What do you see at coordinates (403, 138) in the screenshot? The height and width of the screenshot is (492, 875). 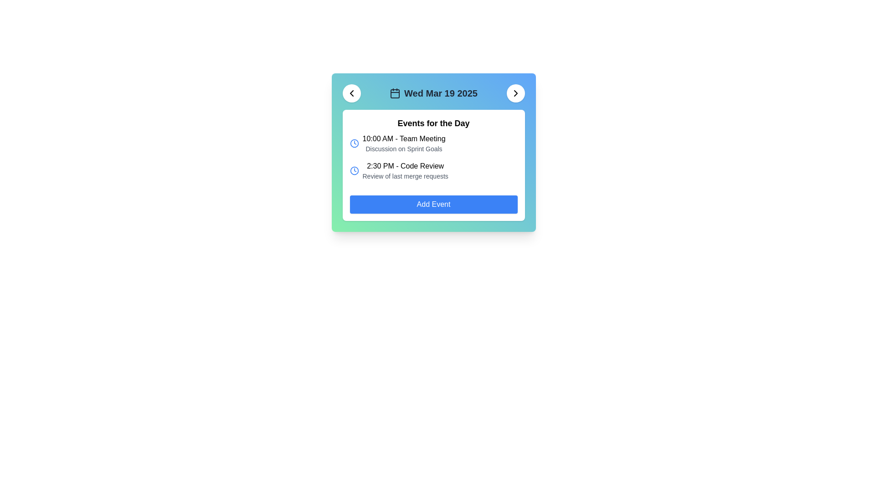 I see `the header text label for the scheduled event located in the 'Events for the Day' section of the calendar interface, which is positioned above the 'Discussion on Sprint Goals' description` at bounding box center [403, 138].